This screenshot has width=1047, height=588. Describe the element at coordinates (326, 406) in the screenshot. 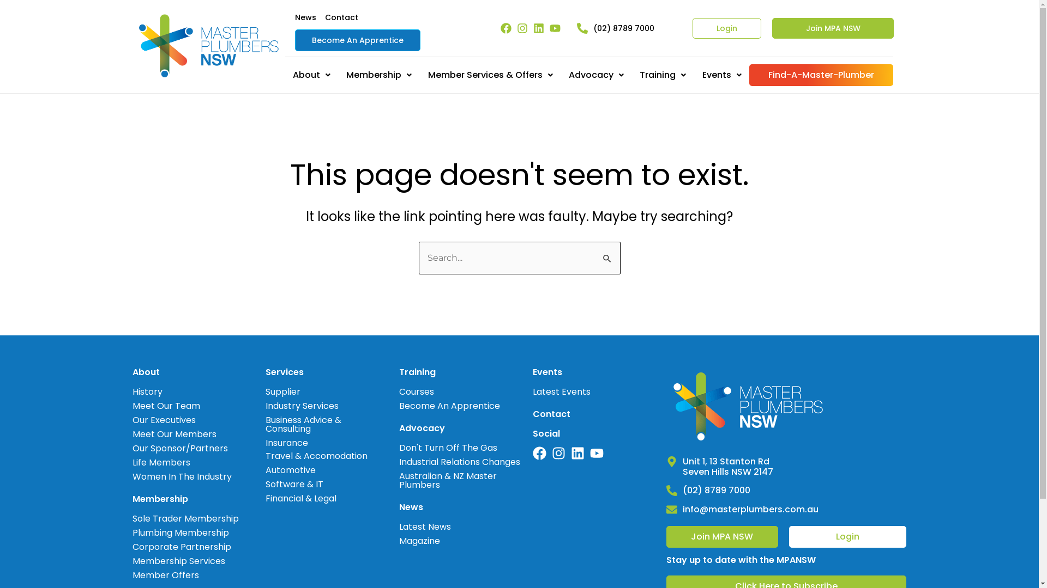

I see `'Industry Services'` at that location.